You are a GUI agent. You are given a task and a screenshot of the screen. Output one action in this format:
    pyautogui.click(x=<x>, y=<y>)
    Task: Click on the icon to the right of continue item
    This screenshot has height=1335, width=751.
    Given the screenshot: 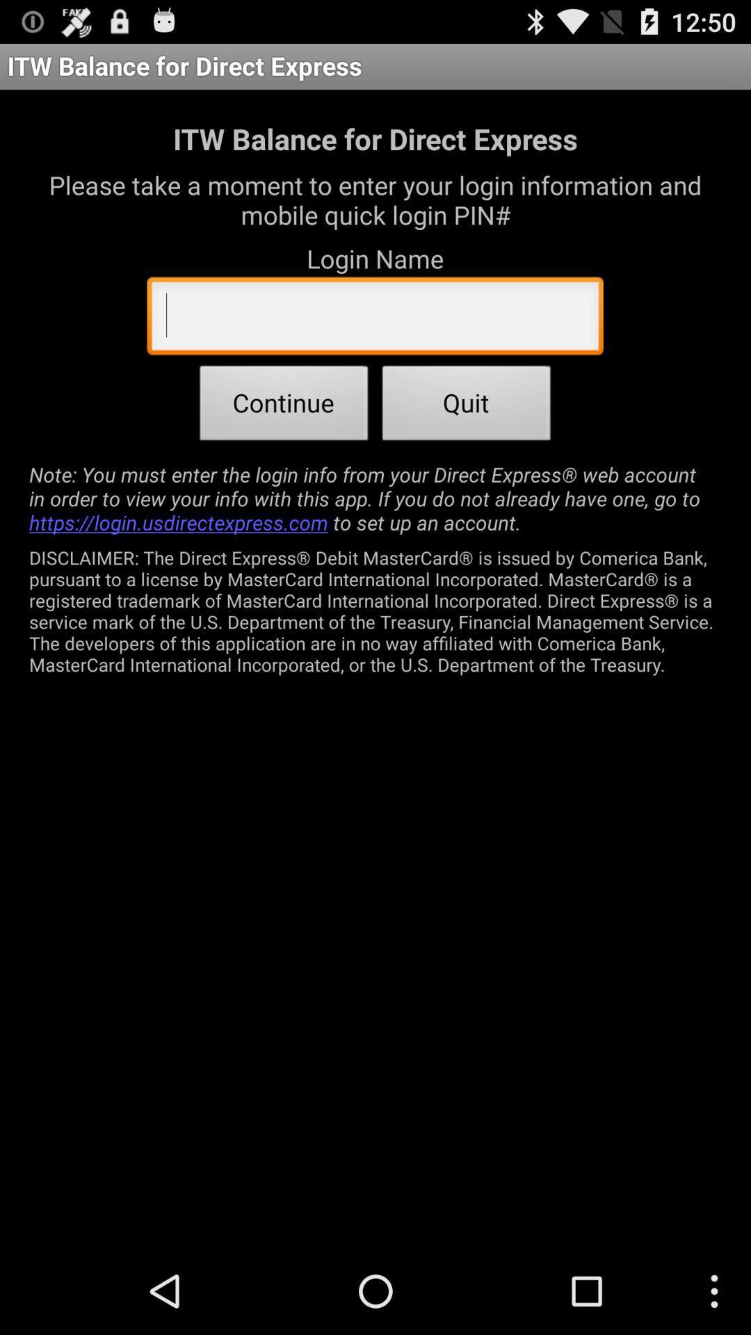 What is the action you would take?
    pyautogui.click(x=467, y=406)
    